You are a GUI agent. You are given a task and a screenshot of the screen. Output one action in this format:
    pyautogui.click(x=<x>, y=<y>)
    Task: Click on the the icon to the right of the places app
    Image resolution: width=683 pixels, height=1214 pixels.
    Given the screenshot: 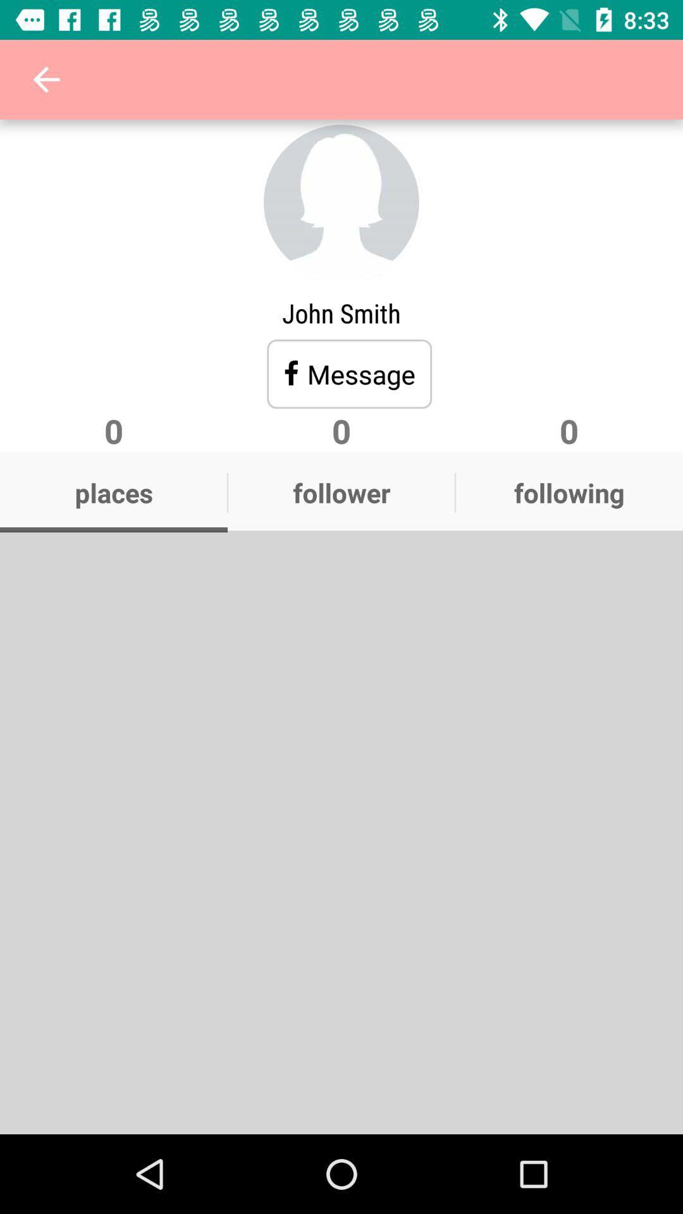 What is the action you would take?
    pyautogui.click(x=341, y=492)
    